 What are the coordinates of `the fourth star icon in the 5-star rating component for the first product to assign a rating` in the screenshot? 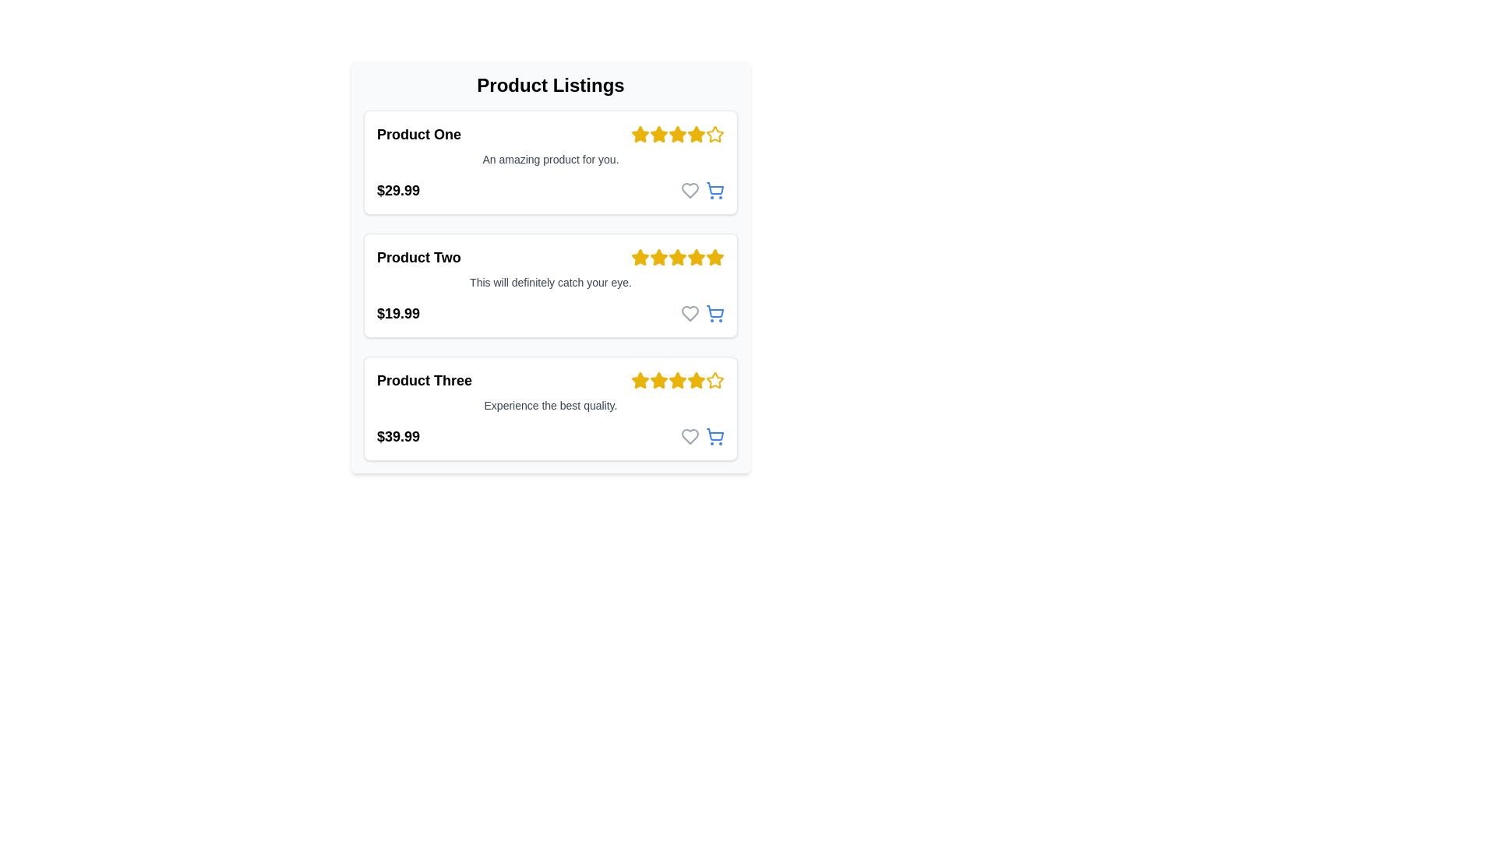 It's located at (677, 133).